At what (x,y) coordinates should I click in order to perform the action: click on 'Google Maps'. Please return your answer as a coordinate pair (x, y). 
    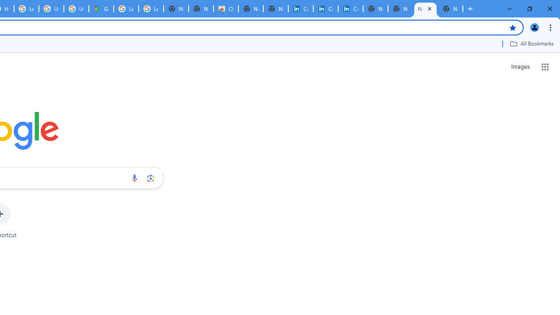
    Looking at the image, I should click on (101, 9).